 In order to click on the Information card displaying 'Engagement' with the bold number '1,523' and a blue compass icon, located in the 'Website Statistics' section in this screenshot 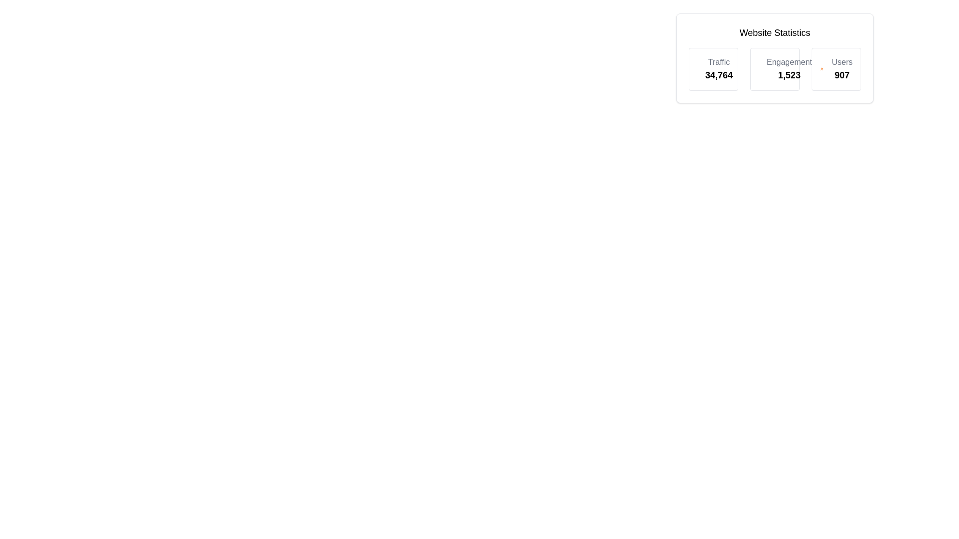, I will do `click(774, 68)`.